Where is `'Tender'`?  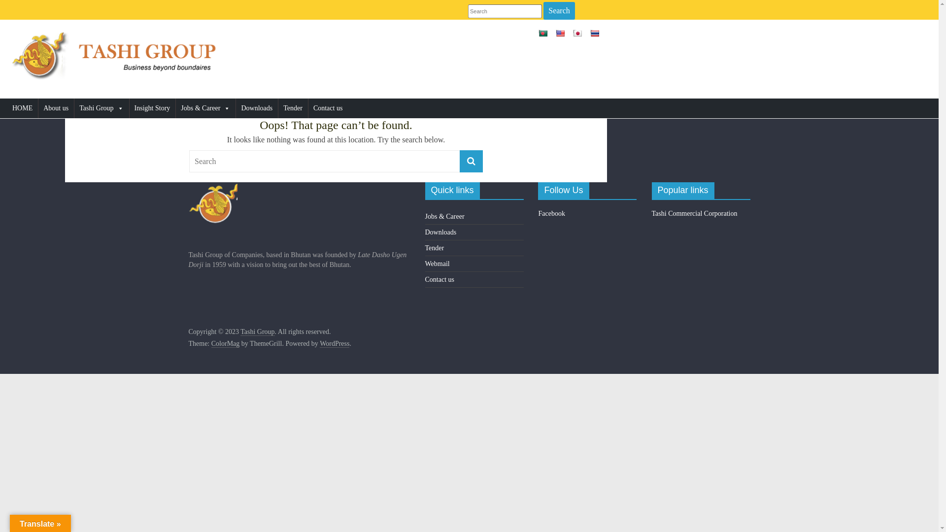
'Tender' is located at coordinates (278, 108).